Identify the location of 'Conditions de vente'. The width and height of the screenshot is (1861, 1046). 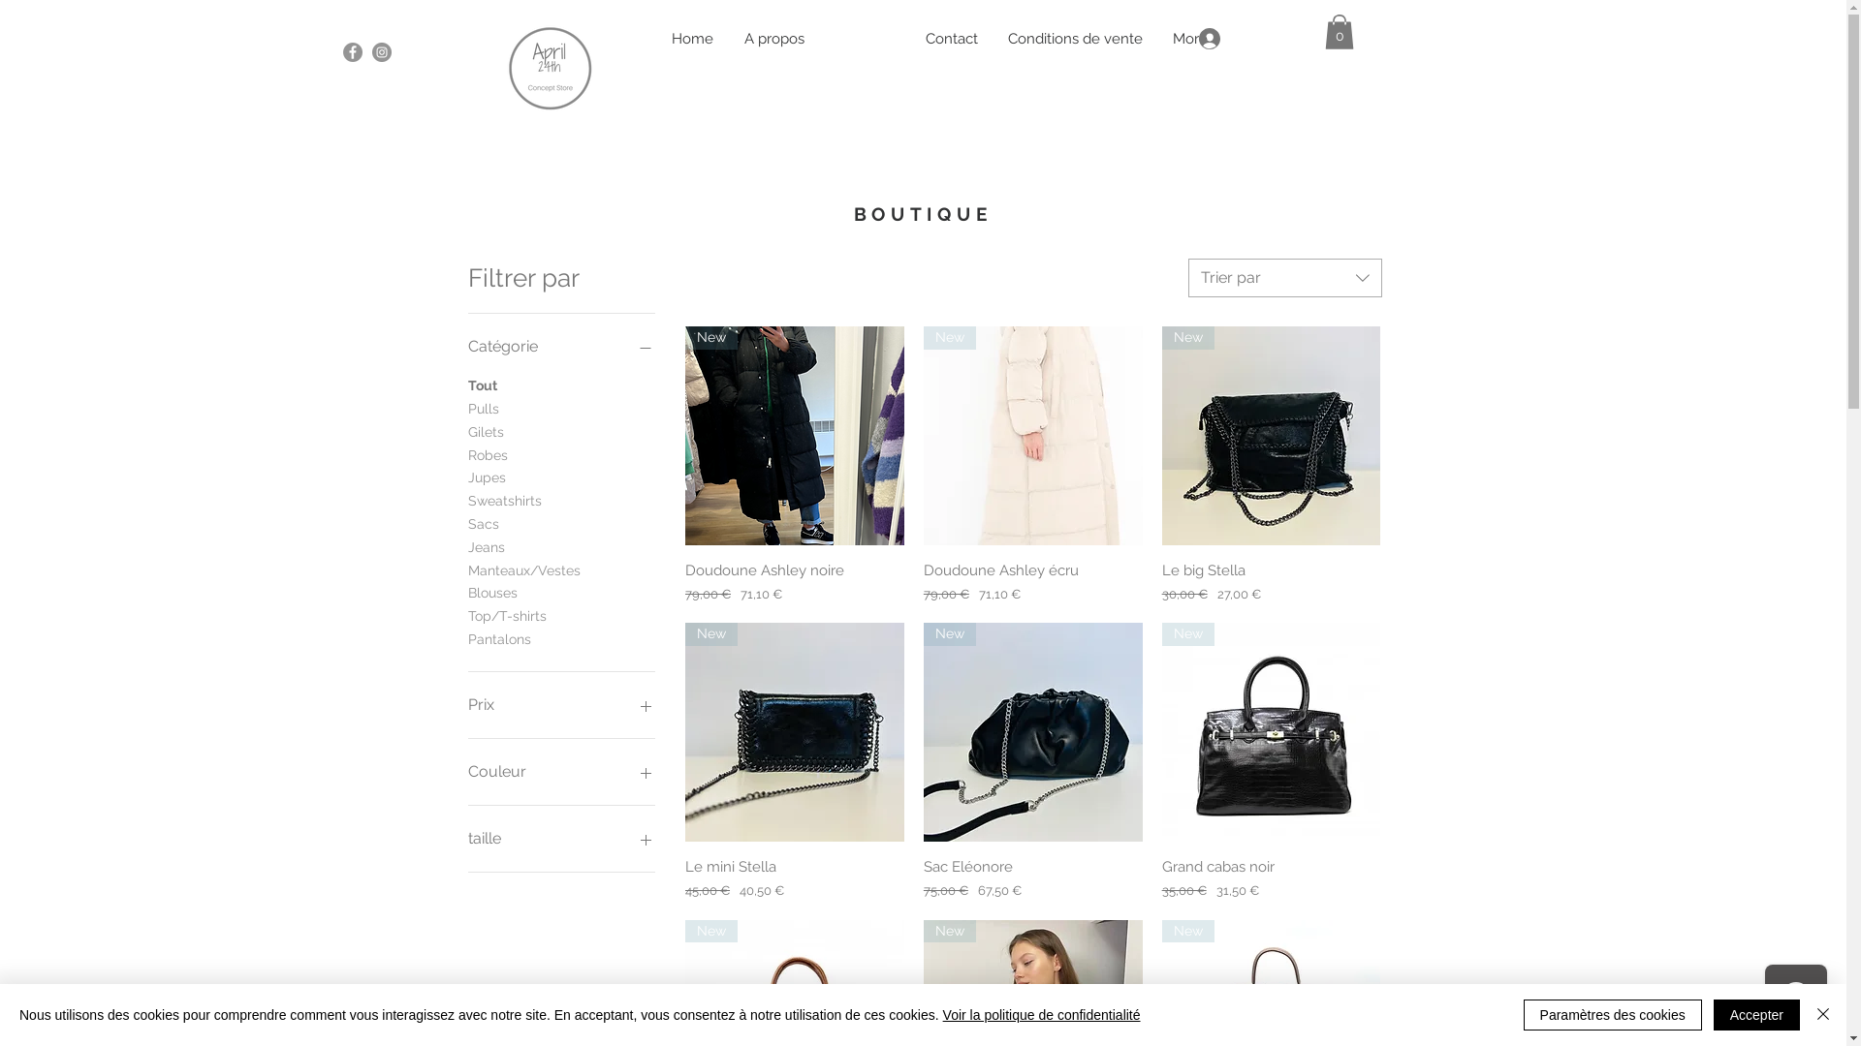
(1073, 38).